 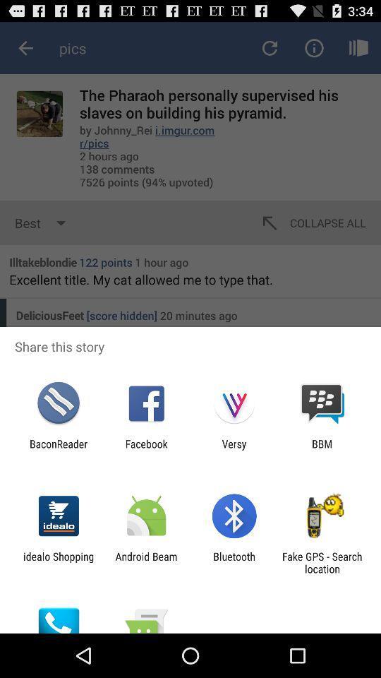 What do you see at coordinates (58, 449) in the screenshot?
I see `icon to the left of the facebook item` at bounding box center [58, 449].